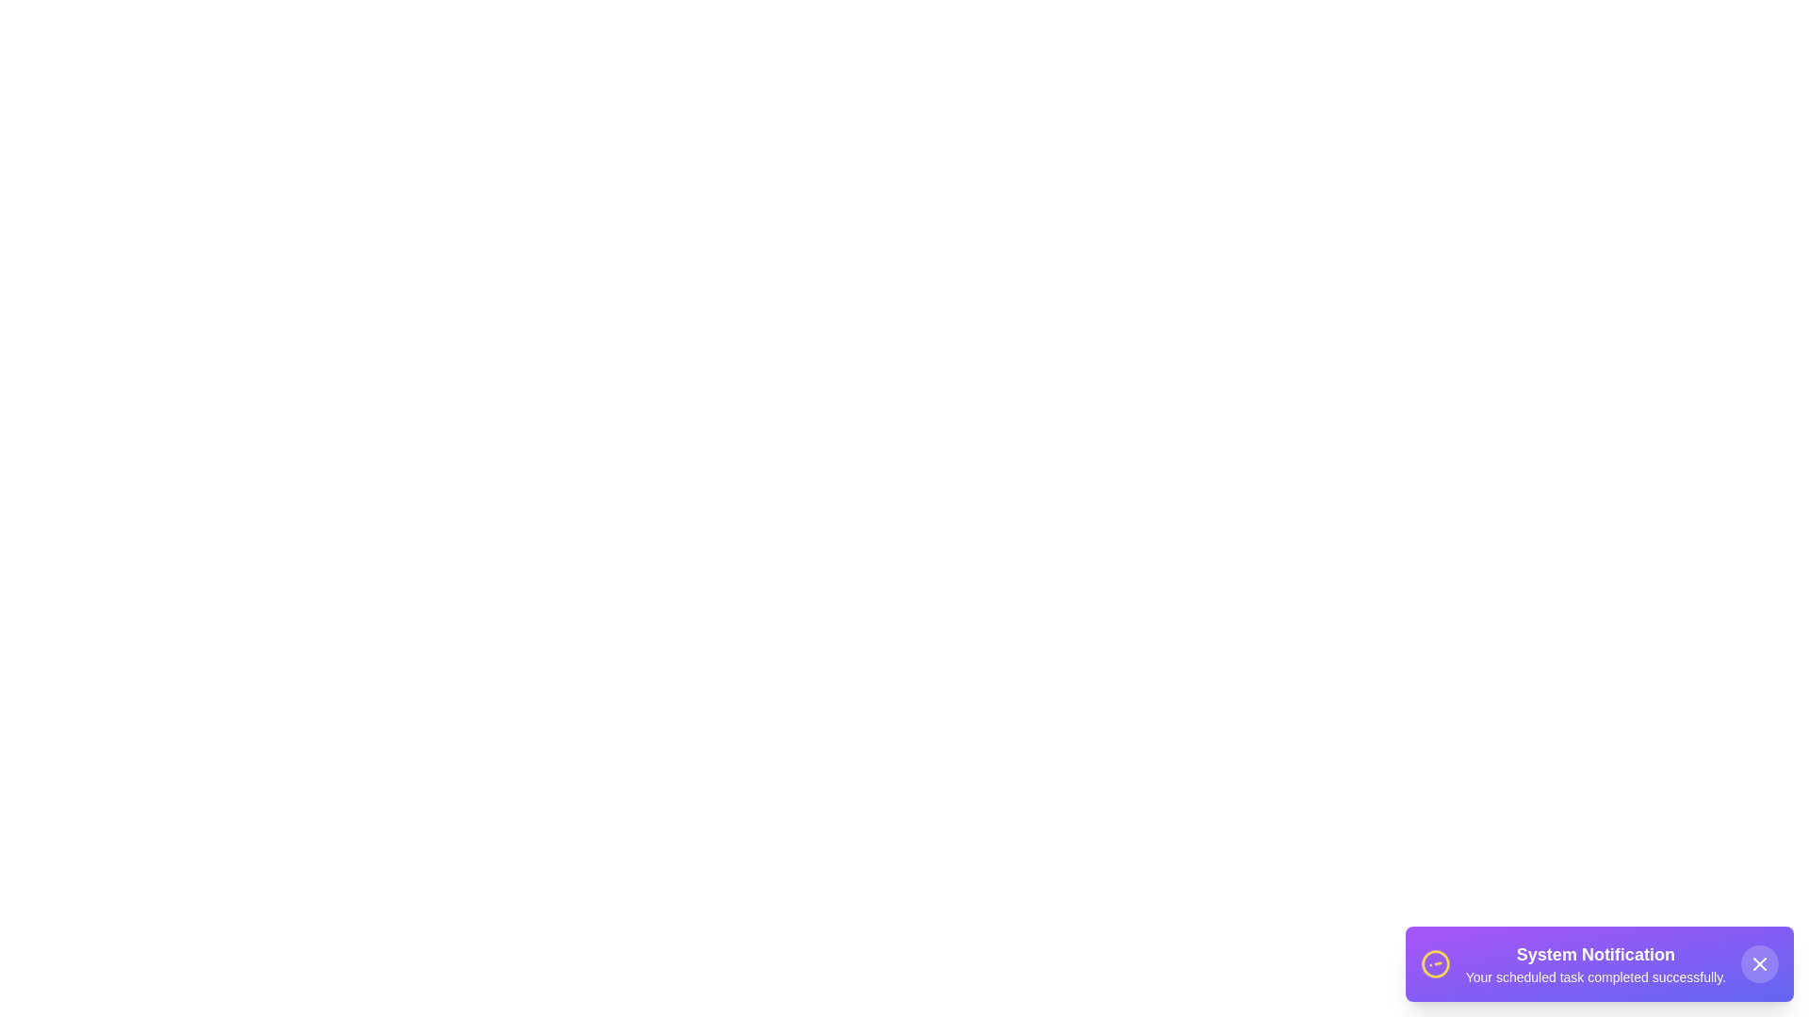 The height and width of the screenshot is (1017, 1809). Describe the element at coordinates (1758, 963) in the screenshot. I see `close button on the snackbar to dismiss it` at that location.